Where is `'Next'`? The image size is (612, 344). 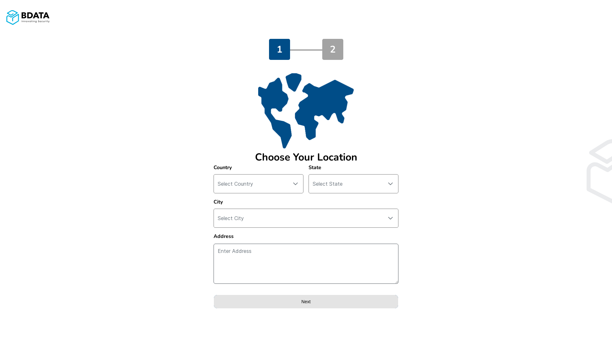
'Next' is located at coordinates (306, 301).